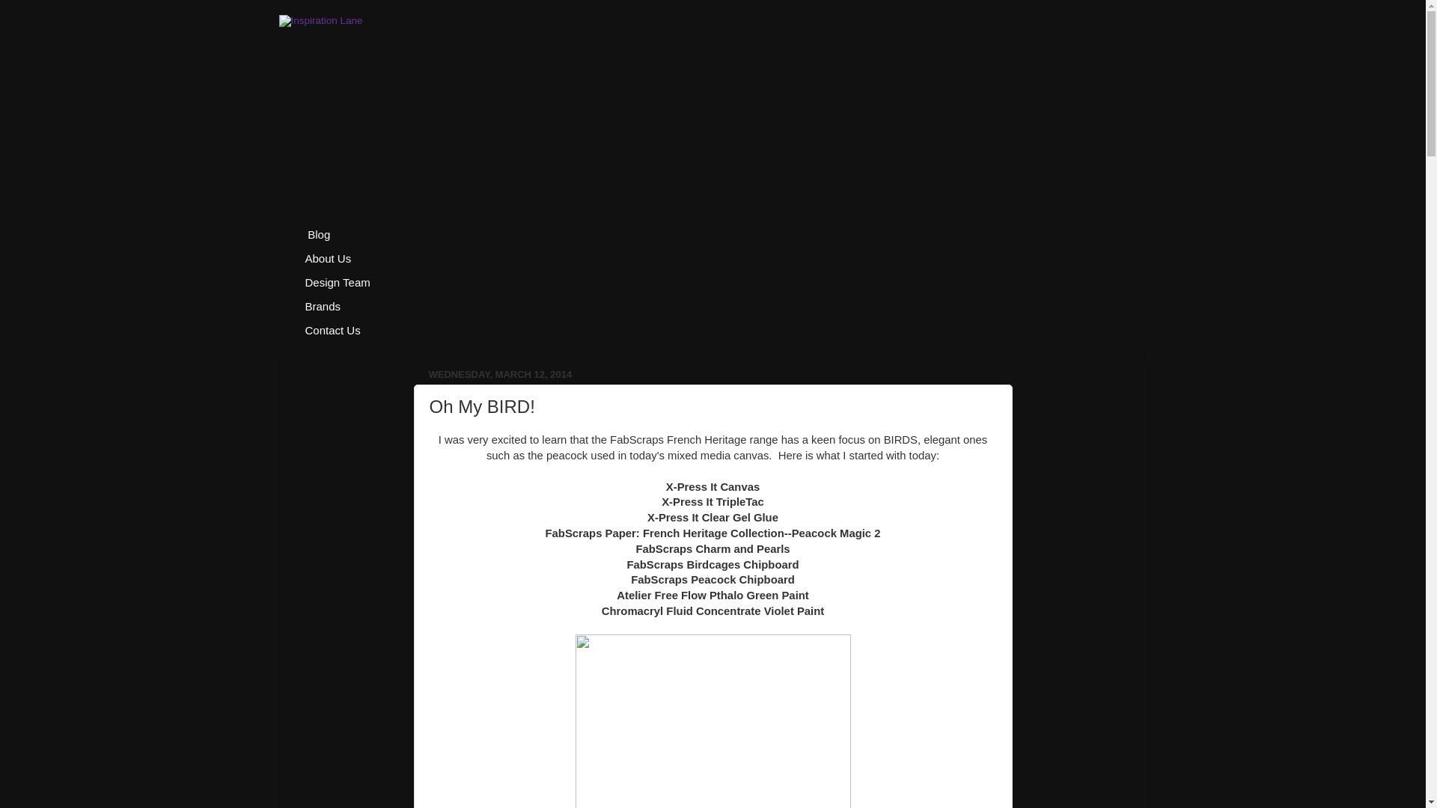 This screenshot has height=808, width=1437. What do you see at coordinates (293, 283) in the screenshot?
I see `'Design Team'` at bounding box center [293, 283].